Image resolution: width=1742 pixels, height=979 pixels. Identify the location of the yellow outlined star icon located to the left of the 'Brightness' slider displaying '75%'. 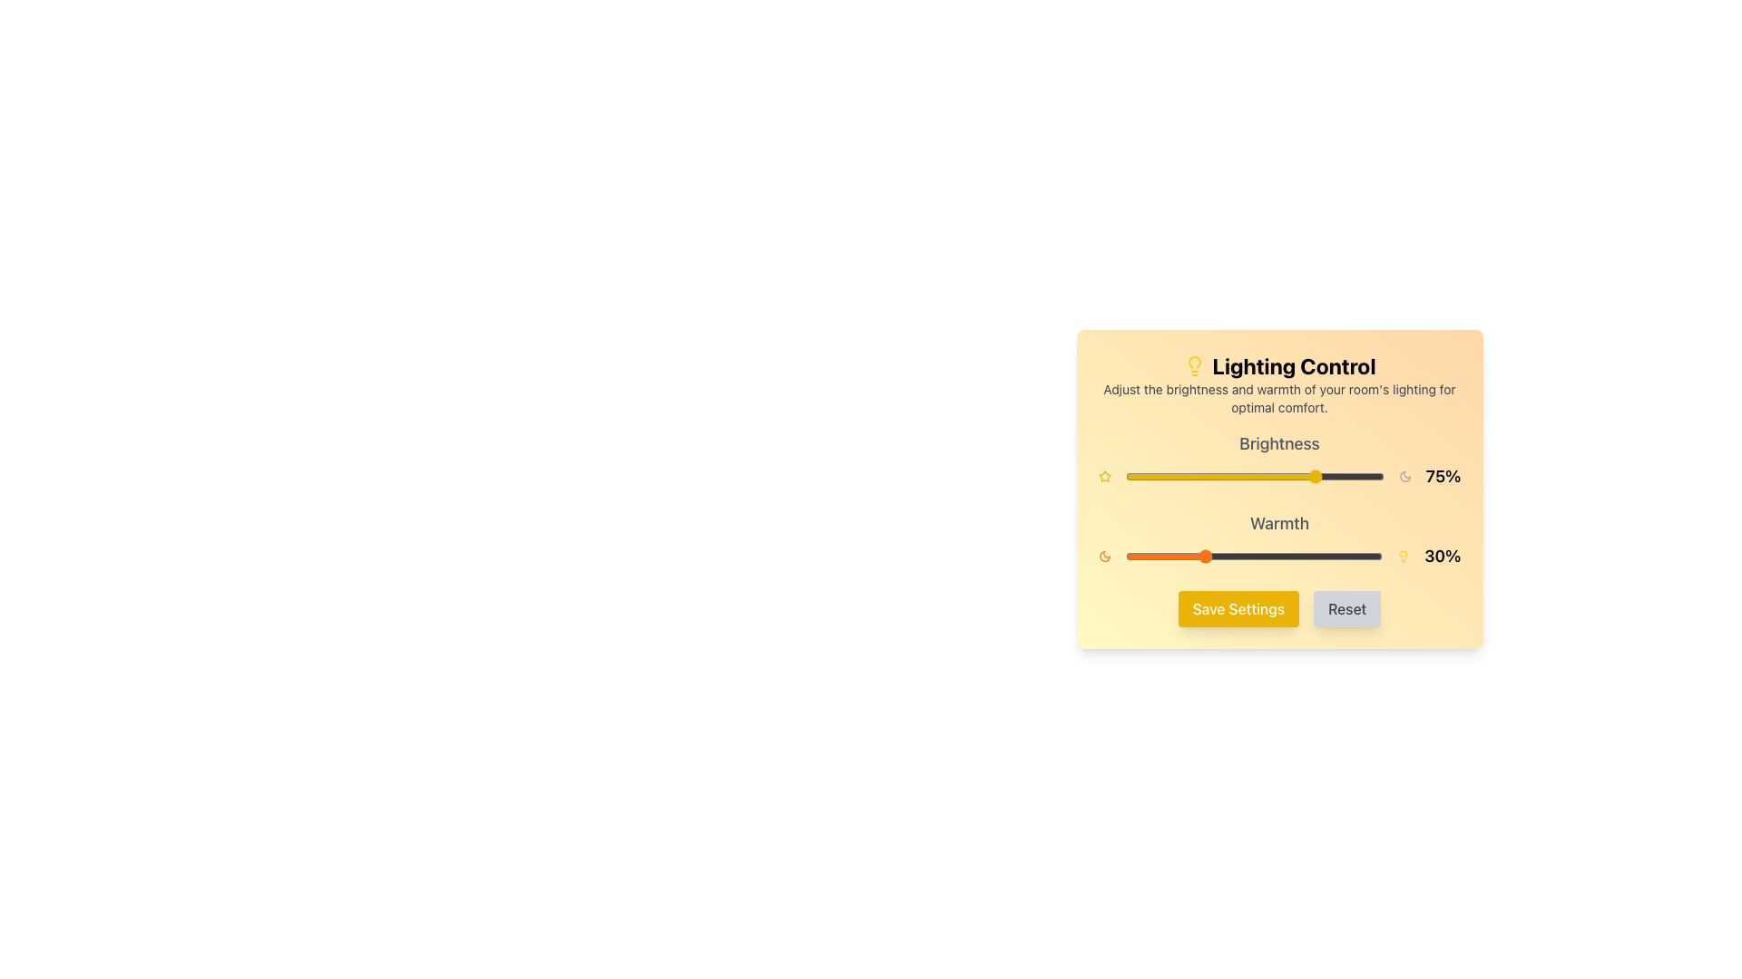
(1103, 475).